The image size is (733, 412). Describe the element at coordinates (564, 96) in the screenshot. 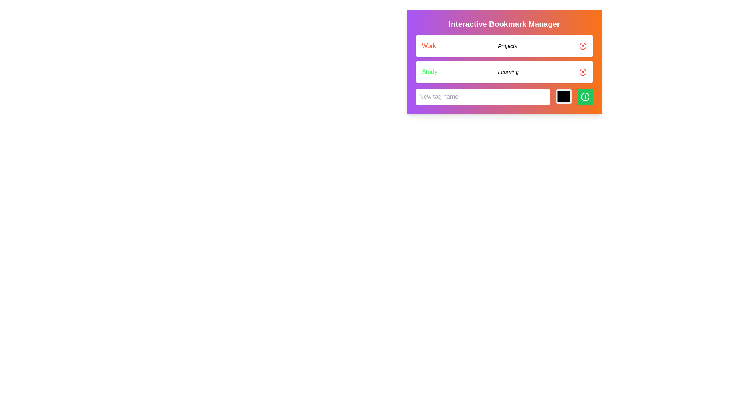

I see `the square-shaped Color input field with a black fill and gray border` at that location.